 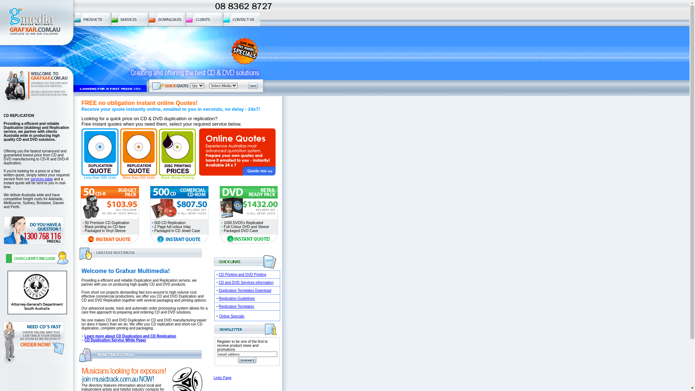 I want to click on 'CD Duplication Service White Paper', so click(x=84, y=340).